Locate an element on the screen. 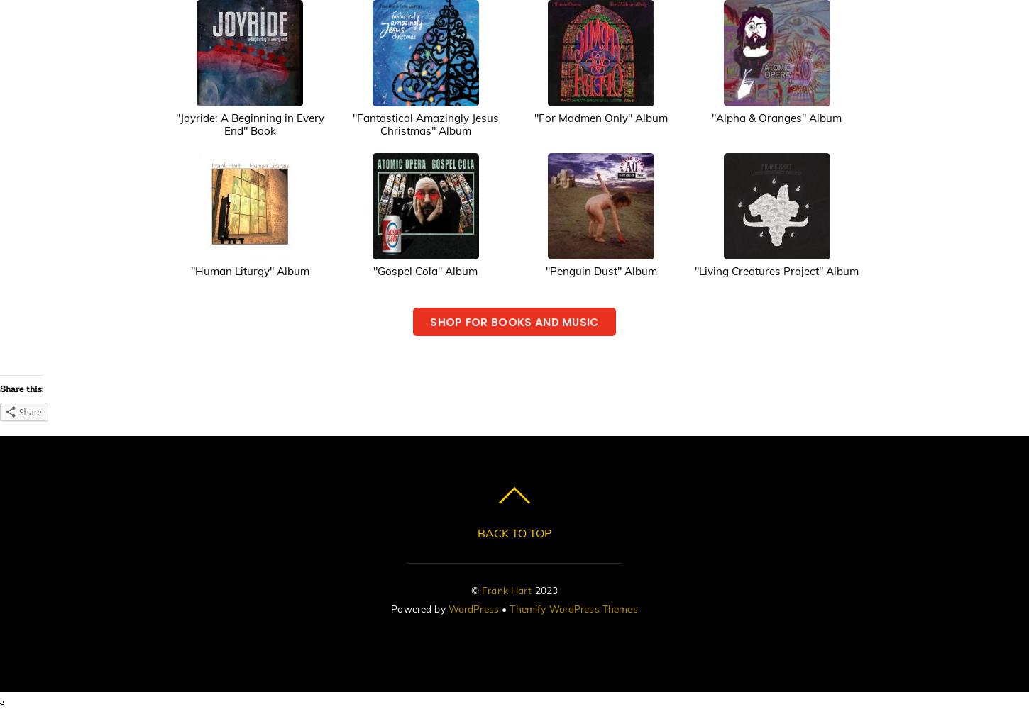 This screenshot has height=709, width=1029. 'Share' is located at coordinates (18, 411).